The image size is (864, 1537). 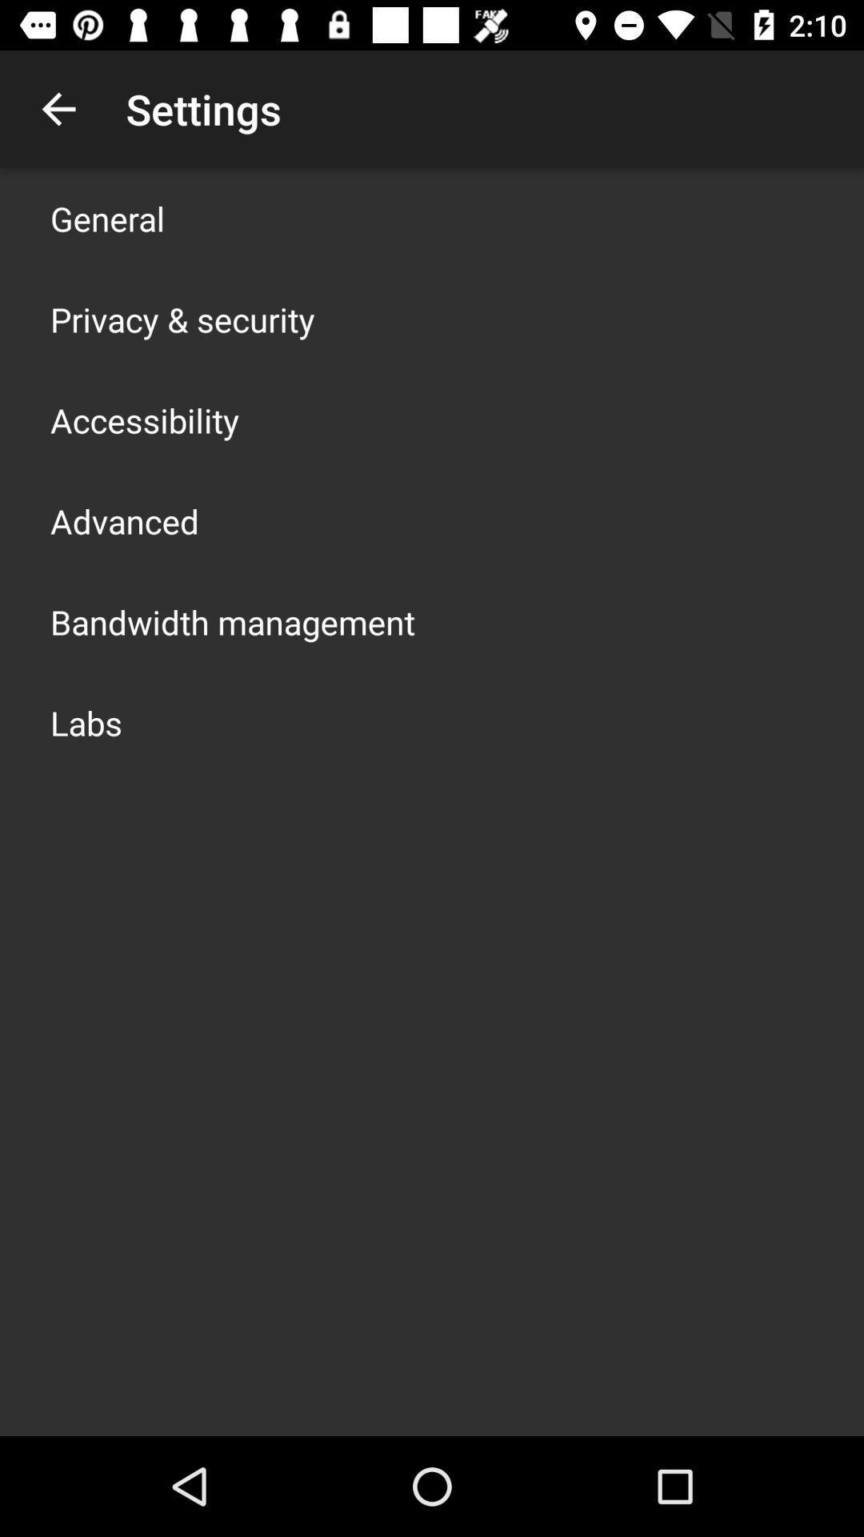 What do you see at coordinates (182, 319) in the screenshot?
I see `app below general item` at bounding box center [182, 319].